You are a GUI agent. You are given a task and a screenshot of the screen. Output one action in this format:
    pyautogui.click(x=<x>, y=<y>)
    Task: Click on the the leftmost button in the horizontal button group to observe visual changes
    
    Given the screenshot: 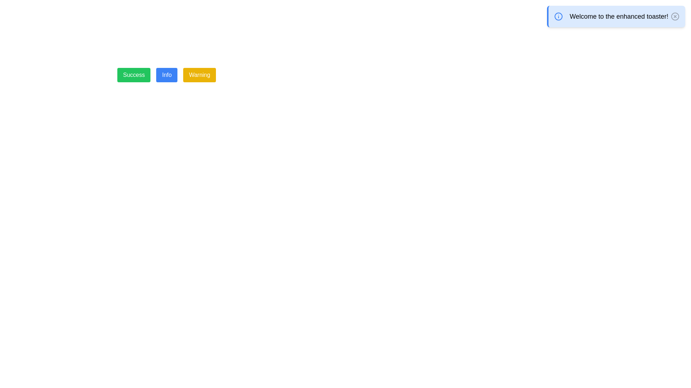 What is the action you would take?
    pyautogui.click(x=134, y=75)
    